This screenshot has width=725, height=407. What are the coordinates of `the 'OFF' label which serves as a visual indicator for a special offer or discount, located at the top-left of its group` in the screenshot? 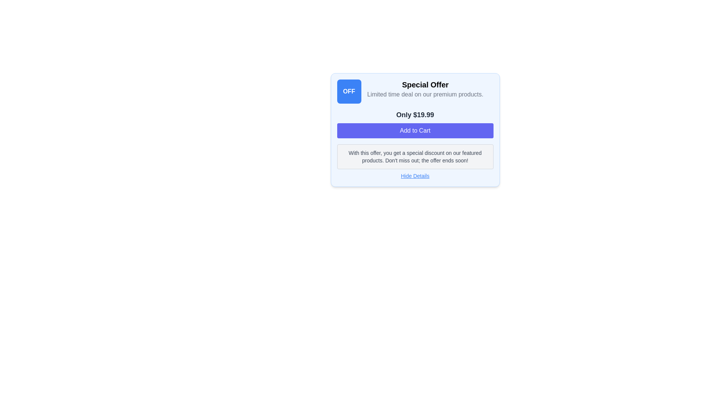 It's located at (349, 91).